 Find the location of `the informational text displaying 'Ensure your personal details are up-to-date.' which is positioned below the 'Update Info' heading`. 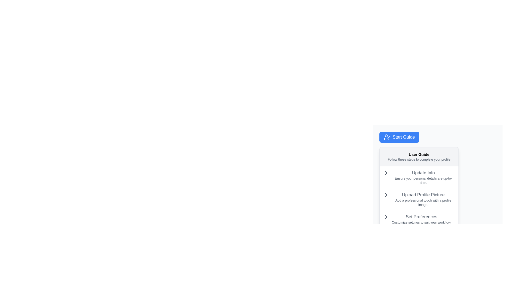

the informational text displaying 'Ensure your personal details are up-to-date.' which is positioned below the 'Update Info' heading is located at coordinates (423, 180).